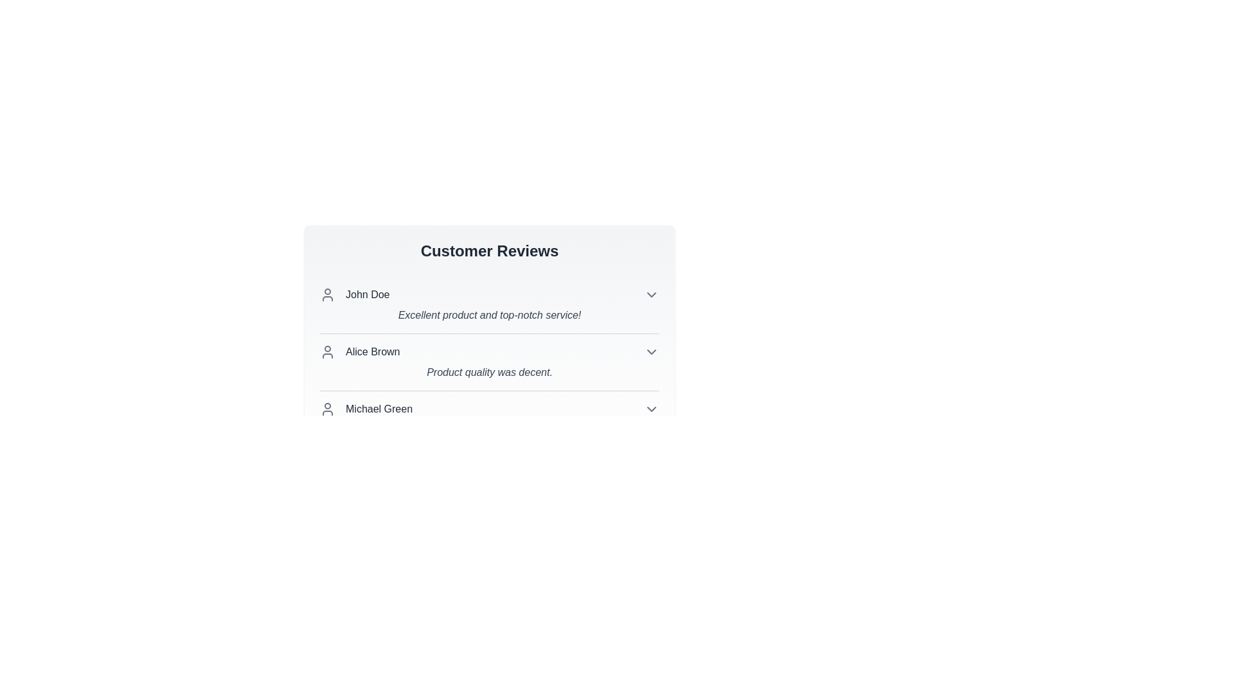 This screenshot has height=694, width=1234. I want to click on the user icon for John Doe to reveal additional actions, so click(327, 295).